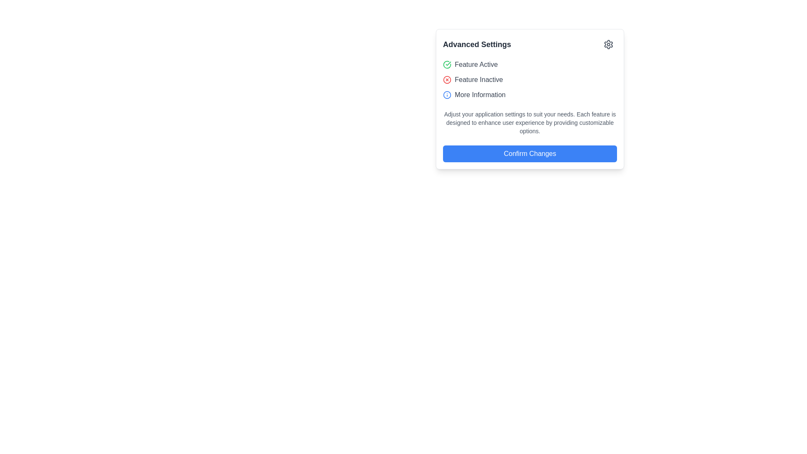 This screenshot has width=807, height=454. I want to click on SVG Circle element with a blue outline and white fill, located within the 'More Information' icon adjacent to the text 'More Information', so click(447, 95).